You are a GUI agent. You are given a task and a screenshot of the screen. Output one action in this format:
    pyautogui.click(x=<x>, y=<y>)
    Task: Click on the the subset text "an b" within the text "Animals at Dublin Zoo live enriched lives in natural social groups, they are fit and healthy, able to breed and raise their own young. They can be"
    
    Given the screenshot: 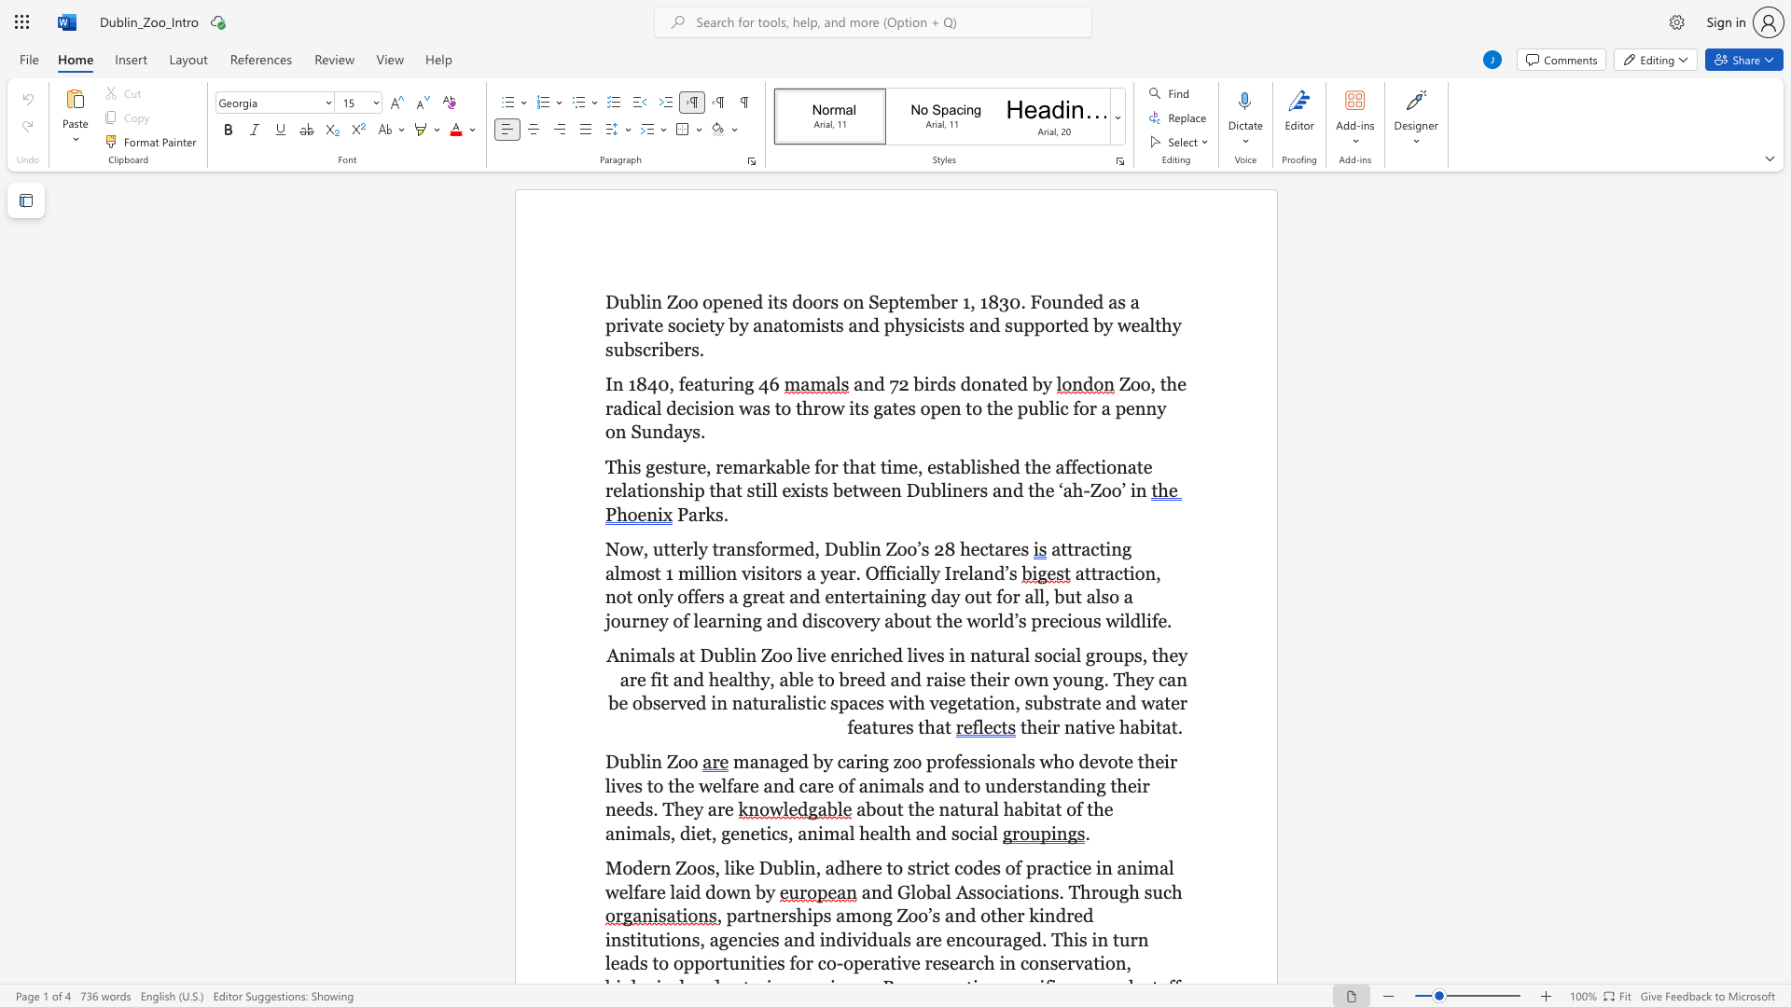 What is the action you would take?
    pyautogui.click(x=1166, y=679)
    